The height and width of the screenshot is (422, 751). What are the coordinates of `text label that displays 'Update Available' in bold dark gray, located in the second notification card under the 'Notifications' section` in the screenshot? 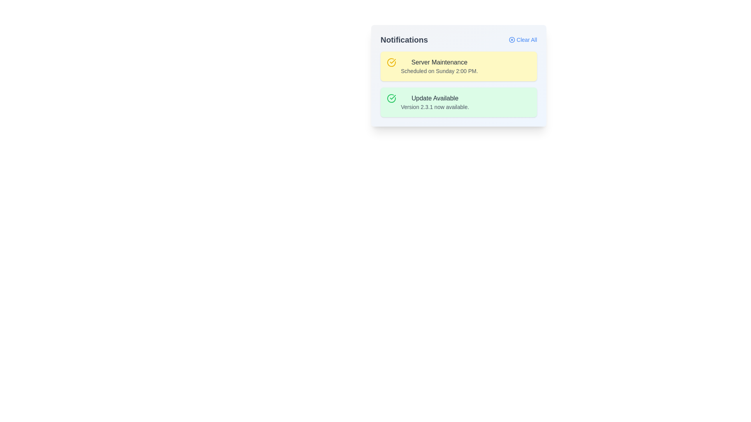 It's located at (435, 98).